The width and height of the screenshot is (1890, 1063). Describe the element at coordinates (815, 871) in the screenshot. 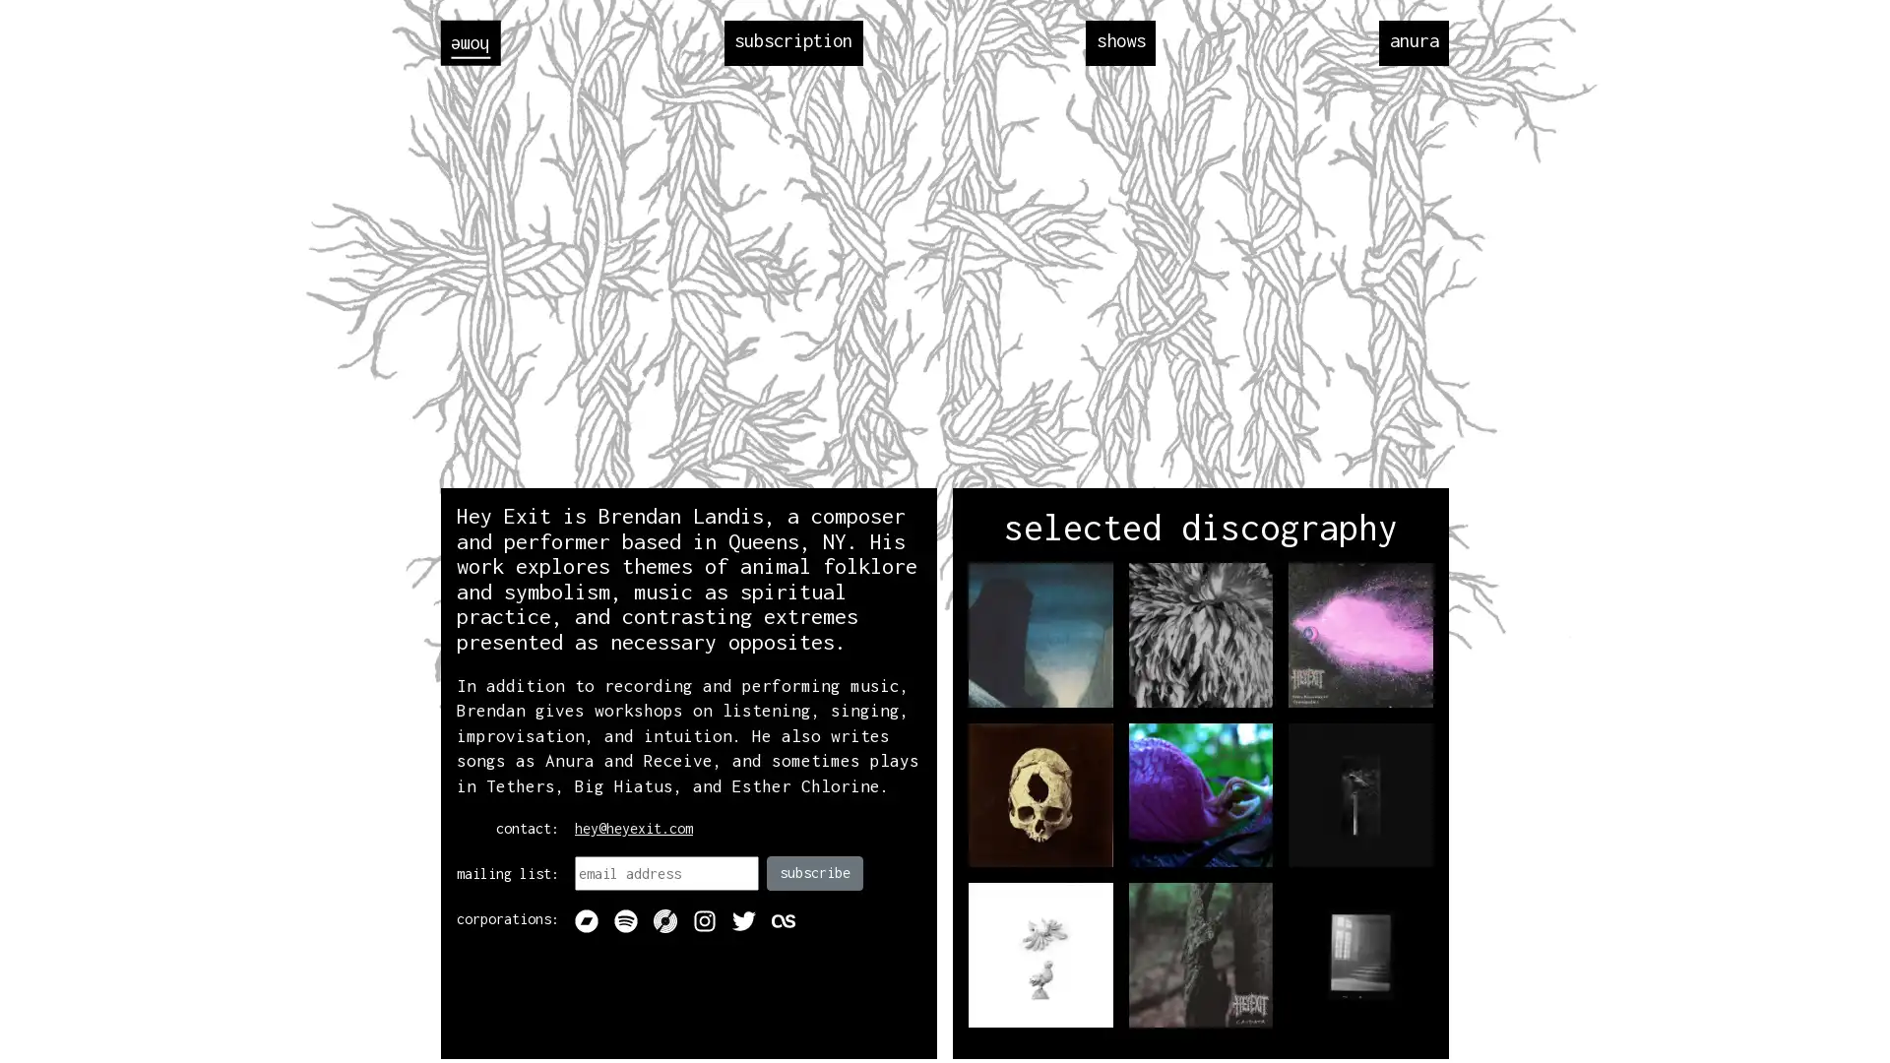

I see `subscribe` at that location.